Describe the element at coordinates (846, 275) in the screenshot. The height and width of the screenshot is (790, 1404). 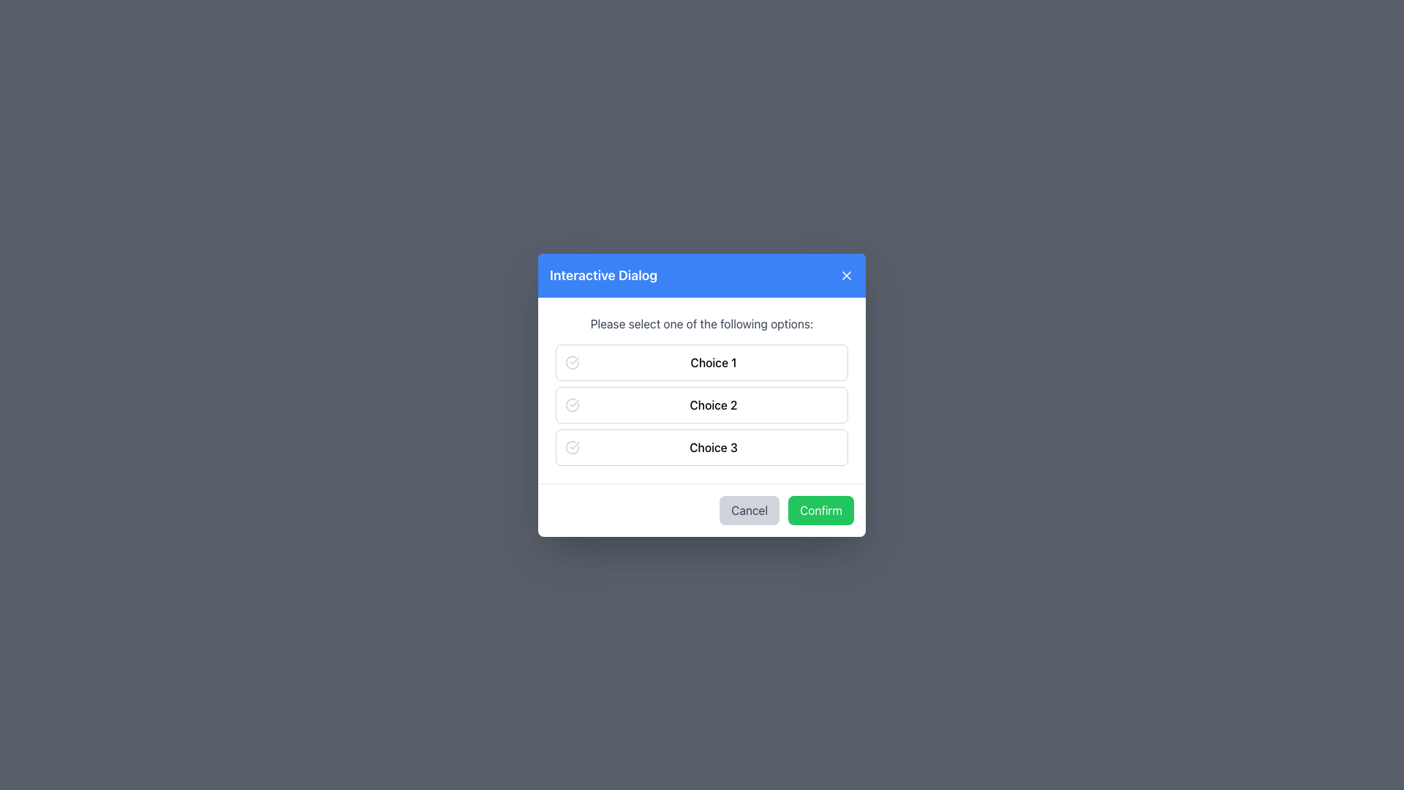
I see `the small red cross icon located in the top-right corner of the modal dialog` at that location.